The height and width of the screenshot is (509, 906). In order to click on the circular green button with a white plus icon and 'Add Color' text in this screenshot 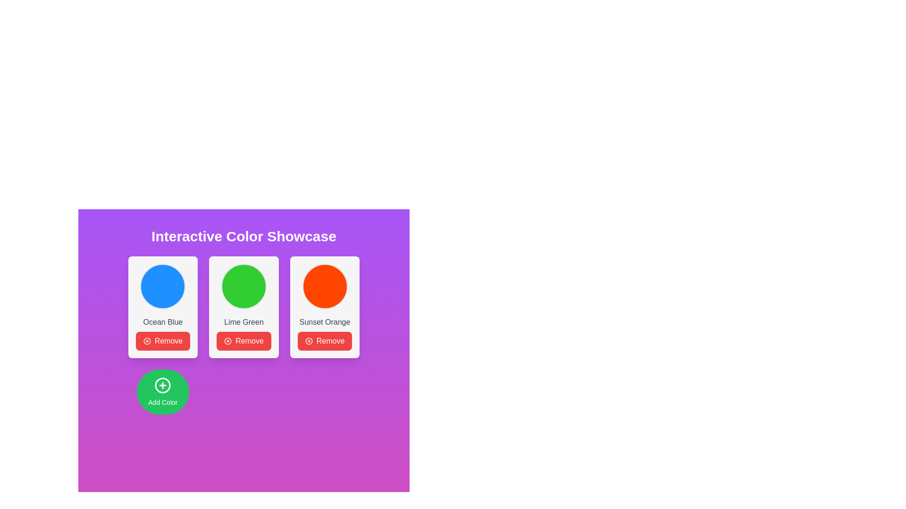, I will do `click(163, 392)`.